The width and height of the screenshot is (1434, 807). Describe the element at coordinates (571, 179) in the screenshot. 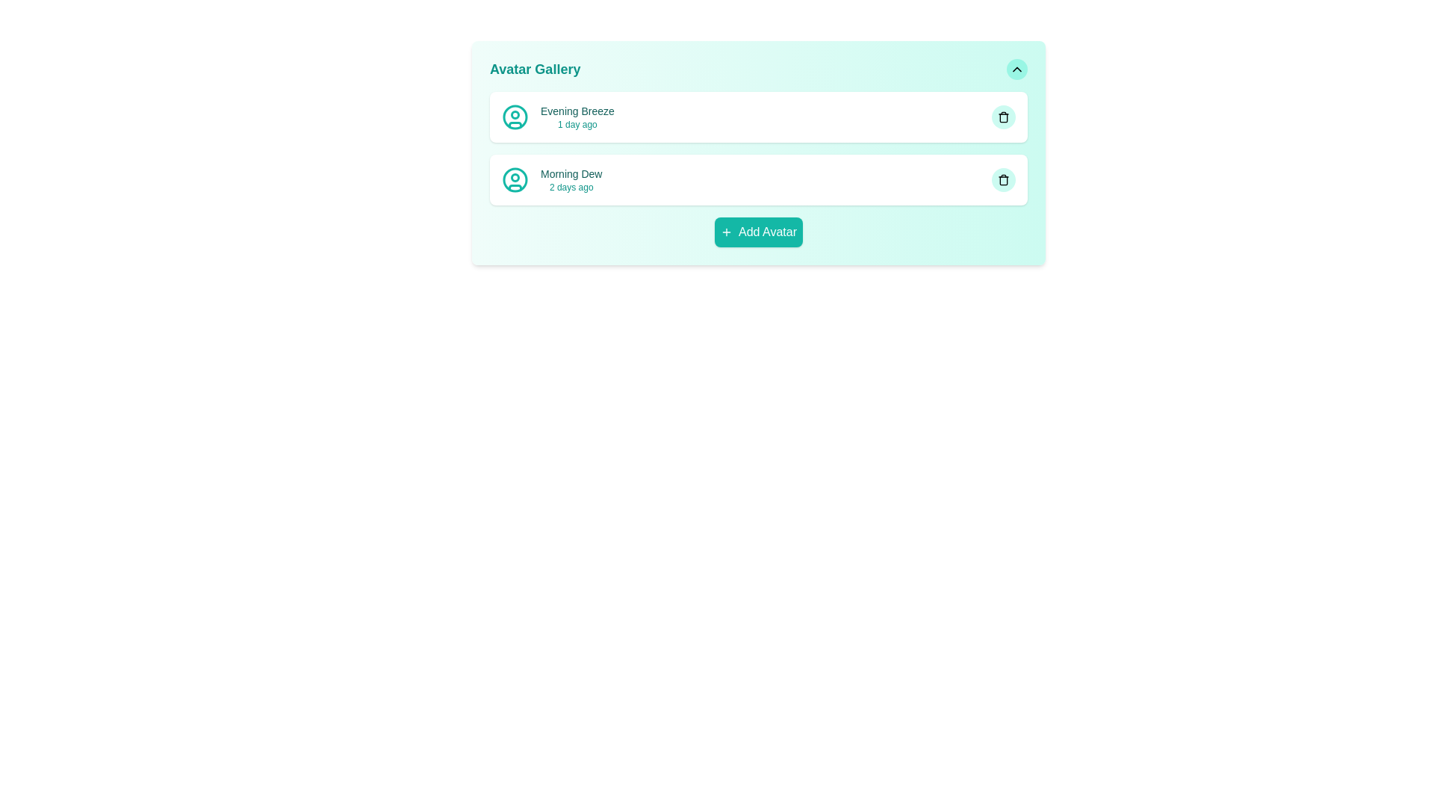

I see `group of texts displaying 'Morning Dew' and '2 days ago' within the user entry component located in the 'Avatar Gallery' card, specifically the second entry below 'Evening Breeze'` at that location.